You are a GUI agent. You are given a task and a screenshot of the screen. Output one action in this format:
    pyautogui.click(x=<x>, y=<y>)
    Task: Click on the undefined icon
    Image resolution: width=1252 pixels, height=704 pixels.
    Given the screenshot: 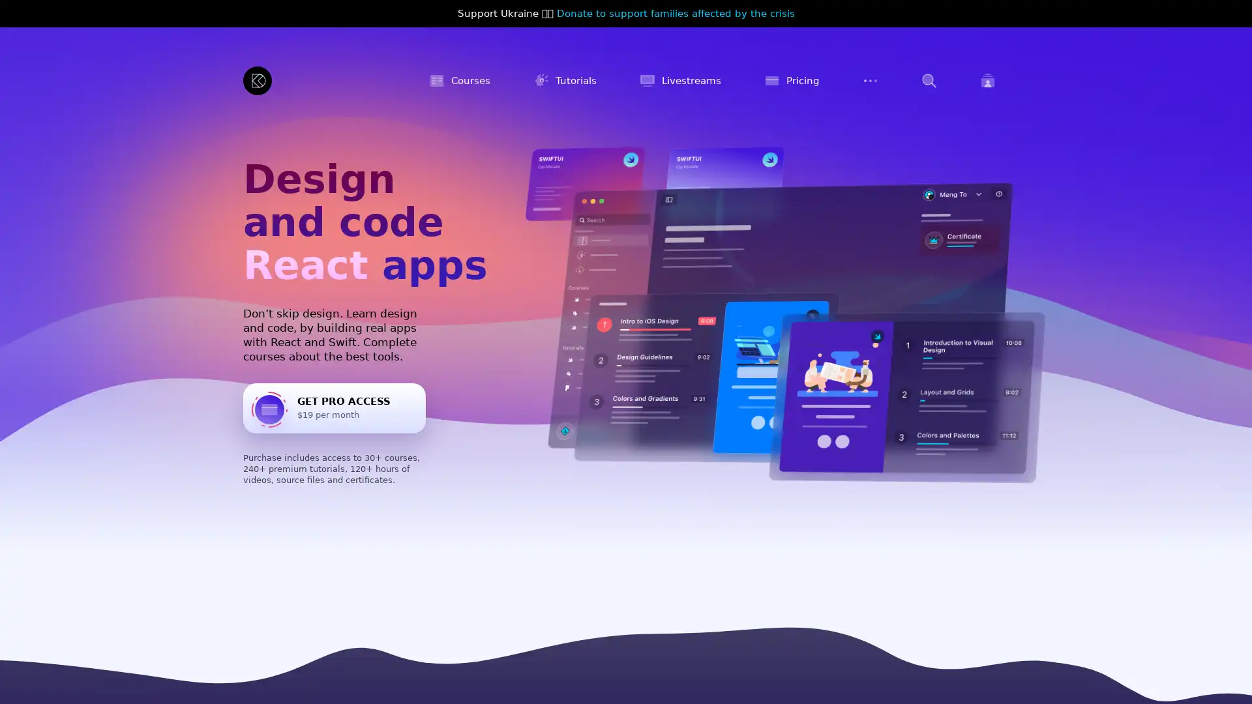 What is the action you would take?
    pyautogui.click(x=870, y=80)
    